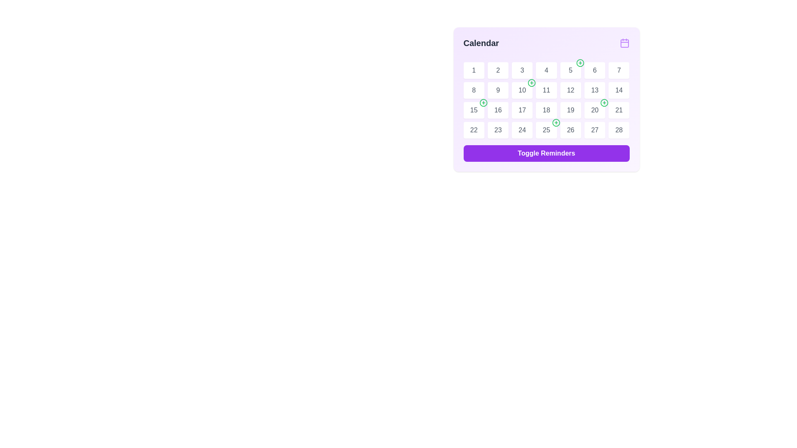  I want to click on the calendar day cell representing the date '13', which is located in the second row and third column of the calendar grid, so click(594, 90).